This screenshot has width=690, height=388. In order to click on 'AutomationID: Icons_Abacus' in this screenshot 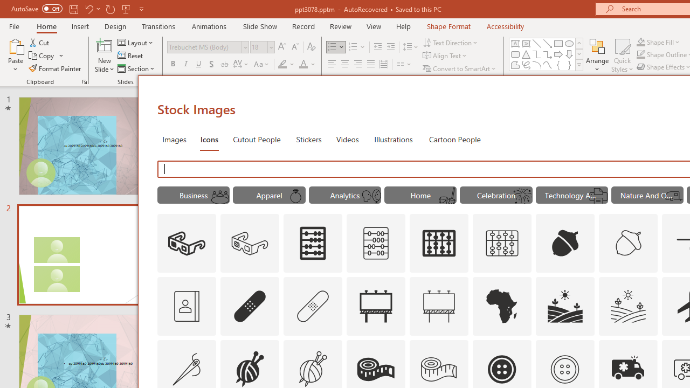, I will do `click(313, 244)`.